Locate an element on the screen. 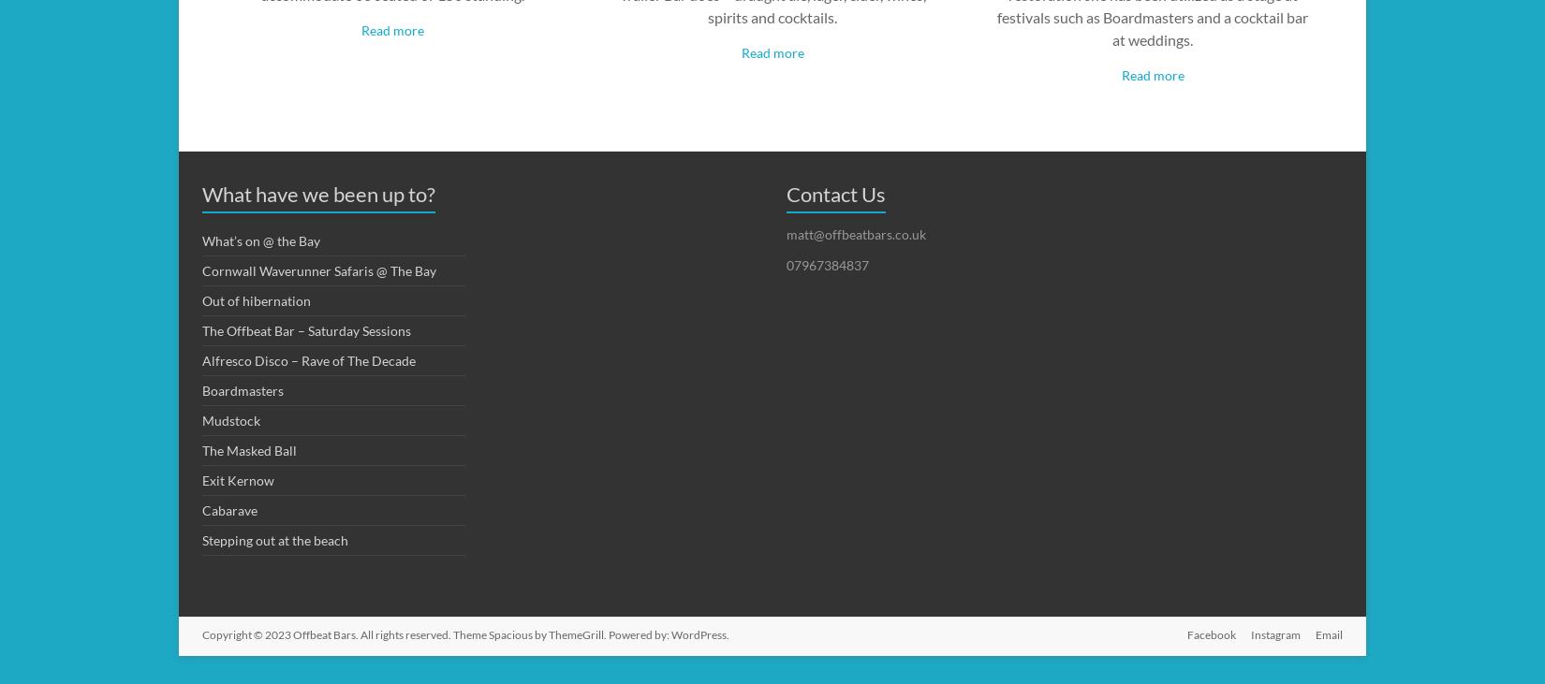 The image size is (1545, 684). 'What’s on @ the Bay' is located at coordinates (201, 239).